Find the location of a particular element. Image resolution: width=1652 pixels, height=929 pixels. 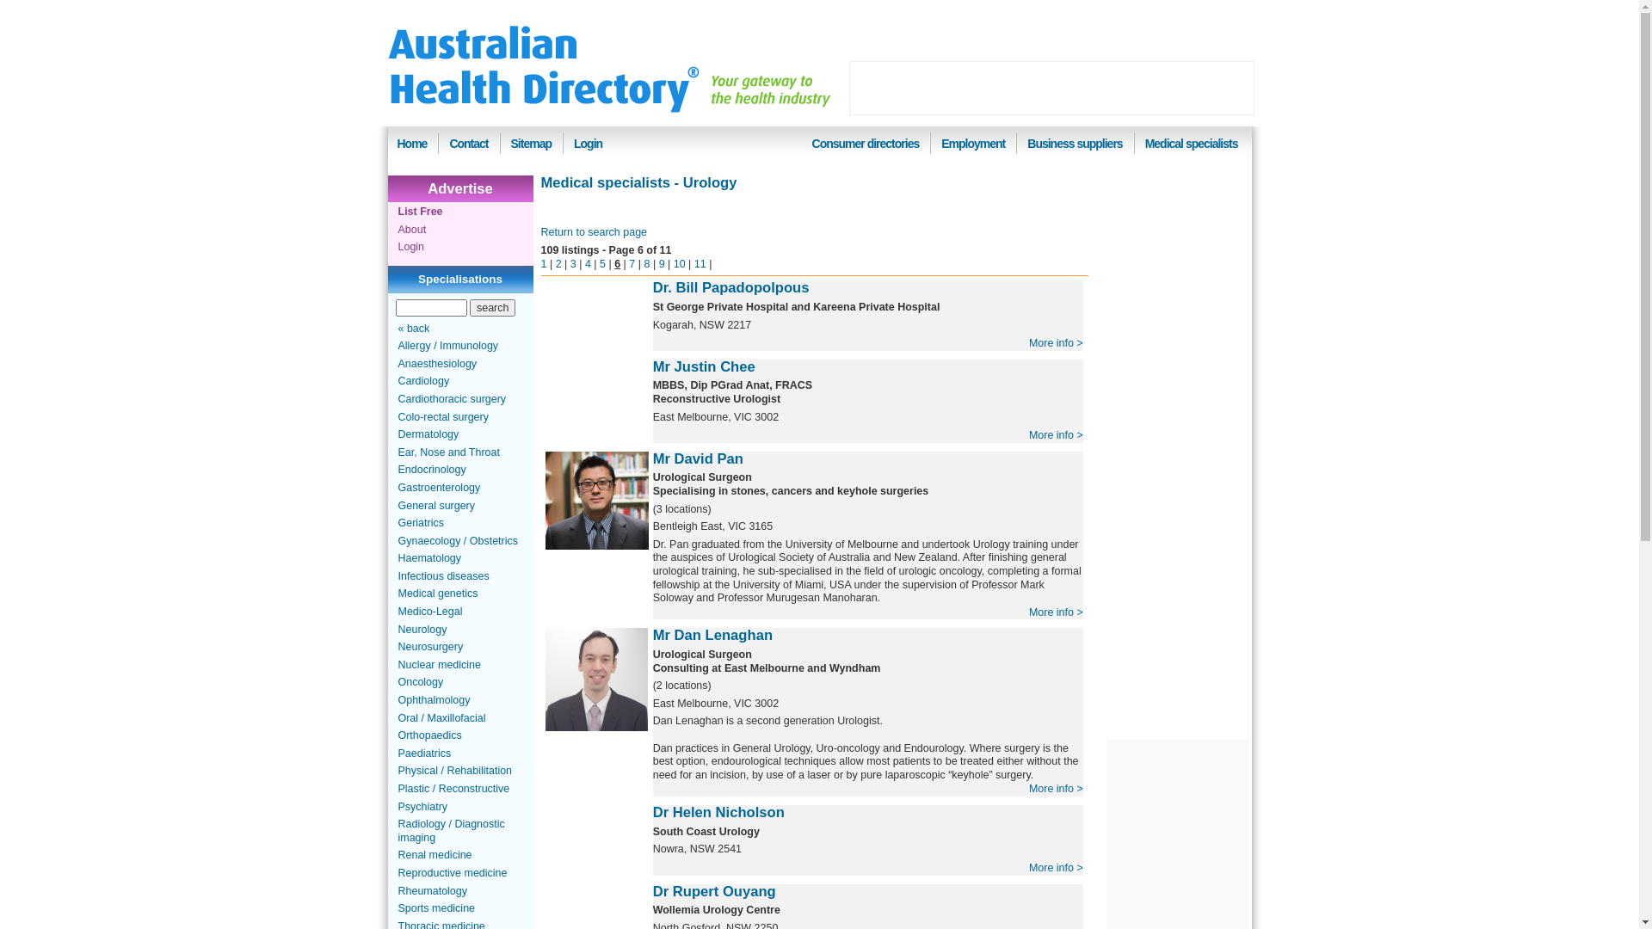

'More info >' is located at coordinates (1055, 434).